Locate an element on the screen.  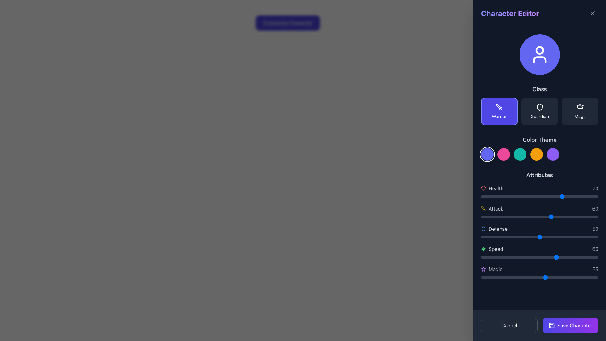
the circular close button with an X icon at the top-right corner of the 'Character Editor' is located at coordinates (592, 13).